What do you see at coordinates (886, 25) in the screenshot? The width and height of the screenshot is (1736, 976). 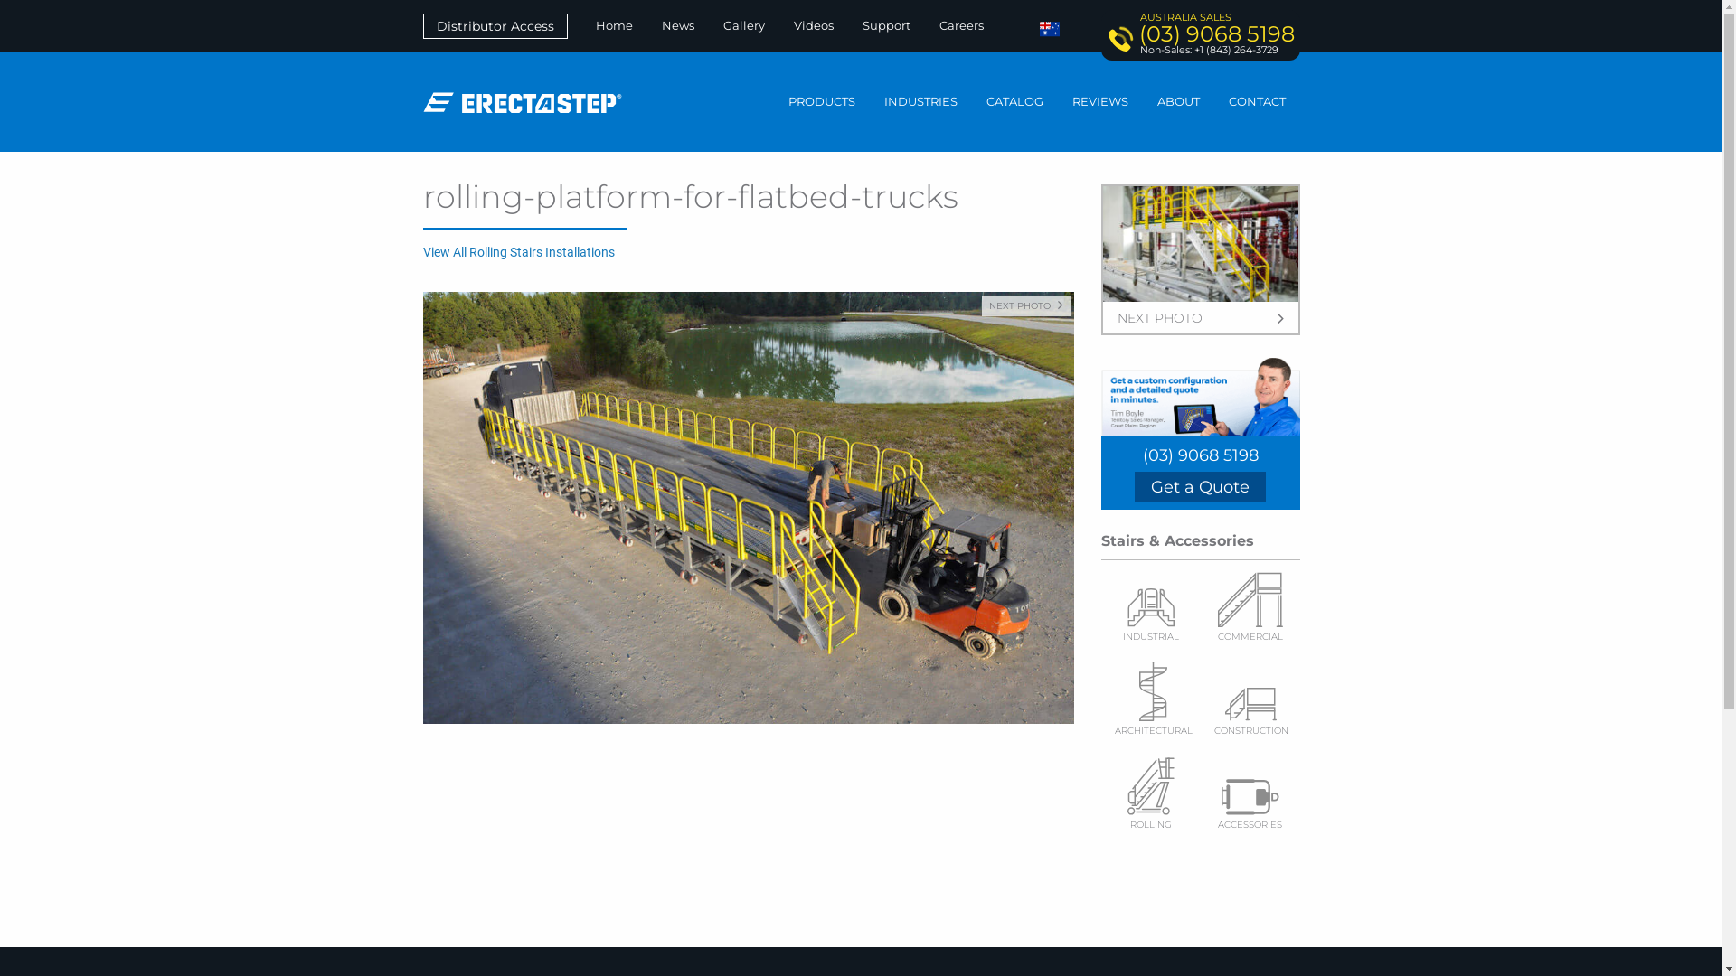 I see `'Support'` at bounding box center [886, 25].